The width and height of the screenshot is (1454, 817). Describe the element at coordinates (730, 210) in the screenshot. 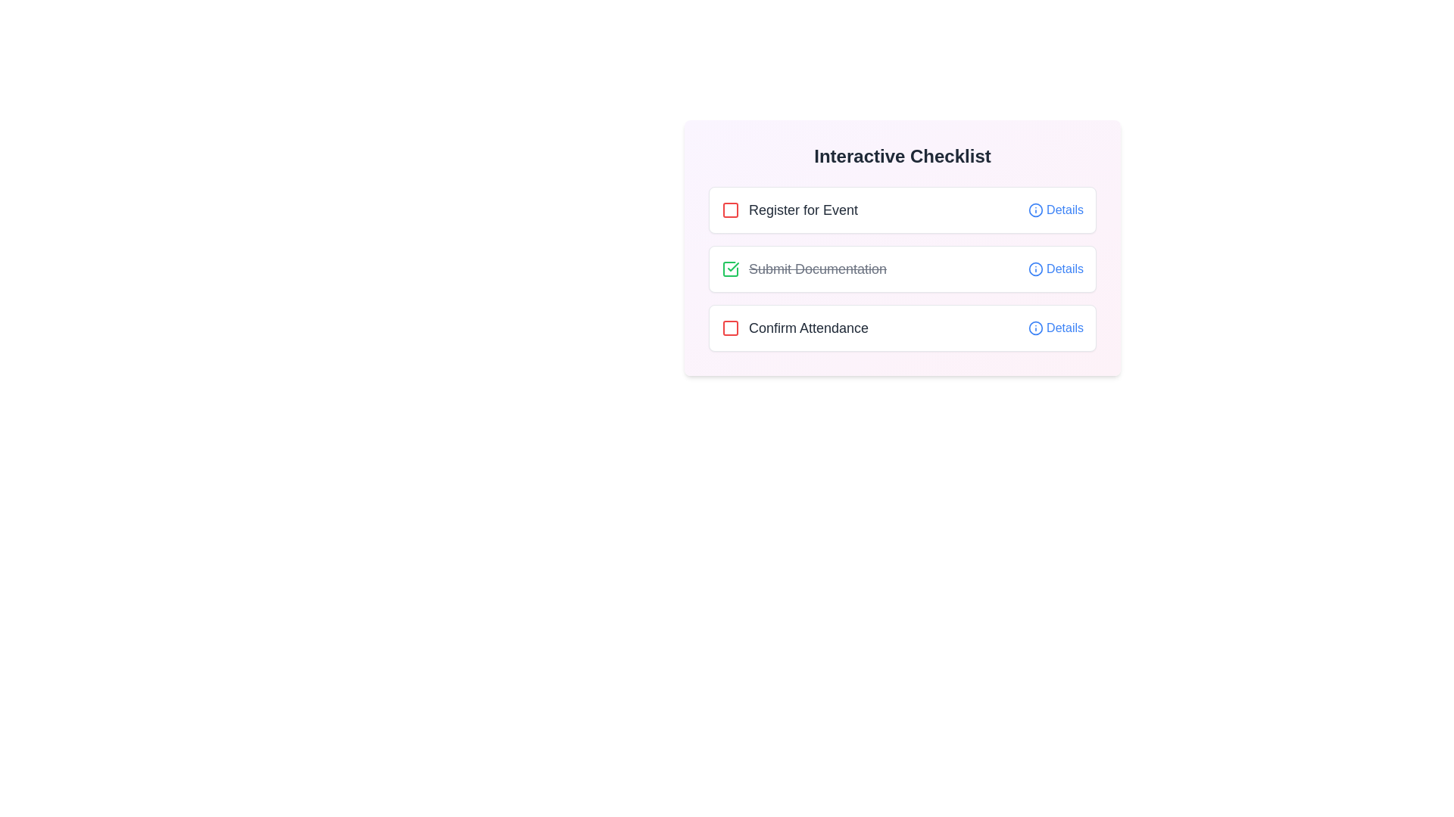

I see `the unchecked checkbox located to the left of the 'Register for Event' text` at that location.